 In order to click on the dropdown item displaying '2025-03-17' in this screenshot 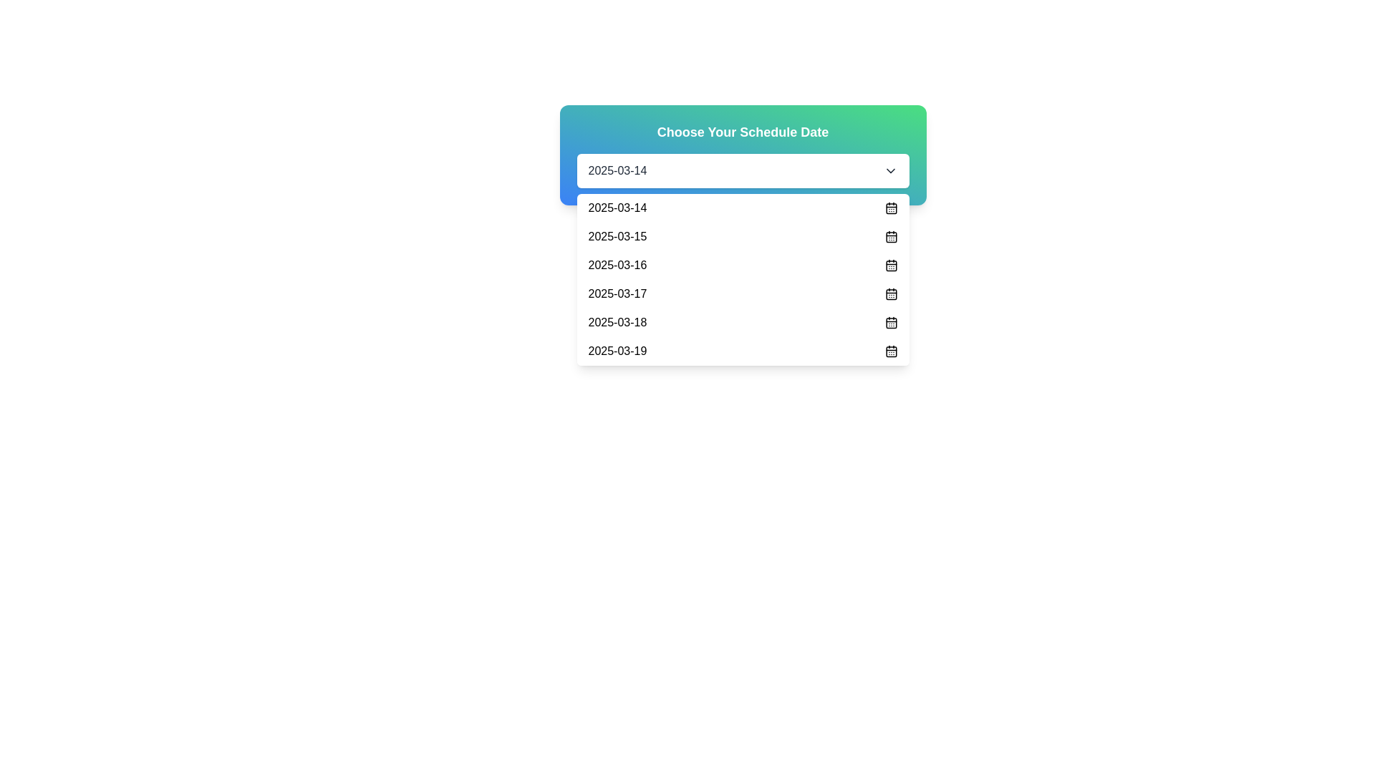, I will do `click(617, 293)`.